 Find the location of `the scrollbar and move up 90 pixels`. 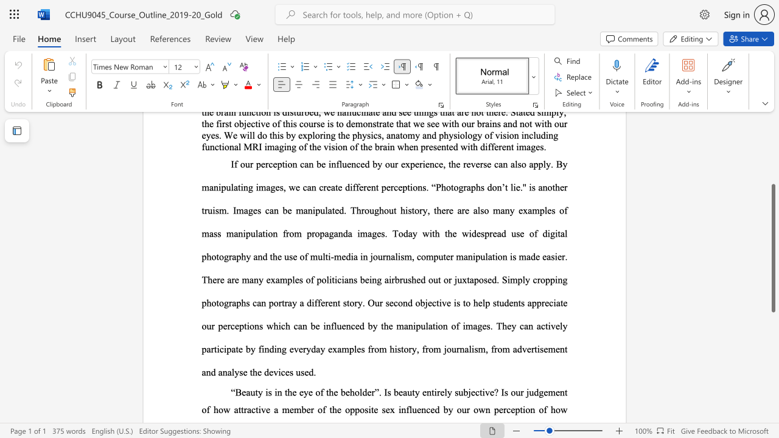

the scrollbar and move up 90 pixels is located at coordinates (772, 248).